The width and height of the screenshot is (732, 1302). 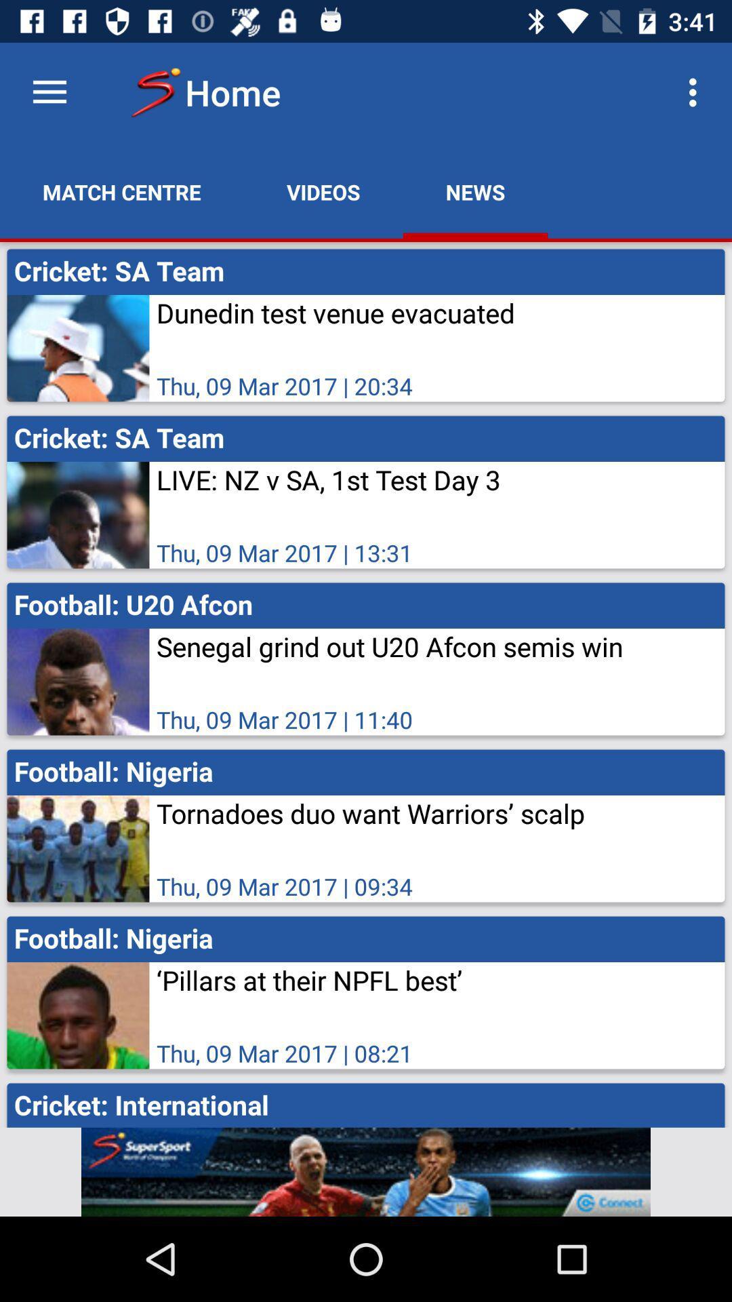 I want to click on men, so click(x=366, y=1171).